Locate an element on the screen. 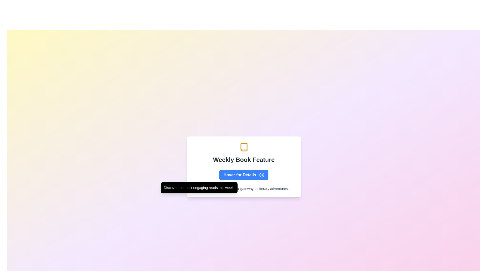 The image size is (488, 274). the 'Weekly Book Feature' text with the accompanying yellow book icon, which is located in a white panel above the 'Hover for Details' button is located at coordinates (243, 153).